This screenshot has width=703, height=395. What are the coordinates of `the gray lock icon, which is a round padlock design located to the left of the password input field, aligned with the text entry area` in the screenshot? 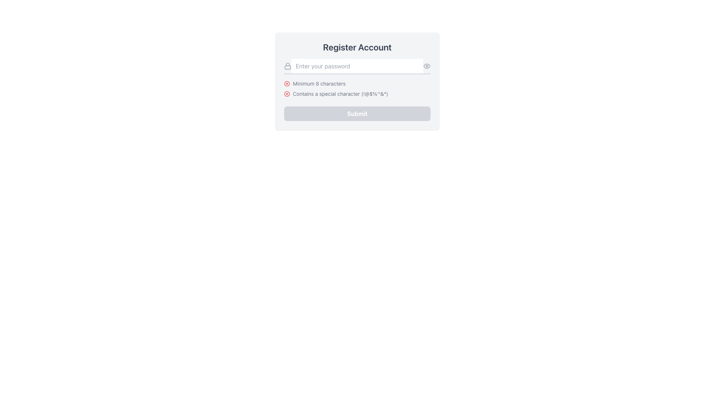 It's located at (287, 66).